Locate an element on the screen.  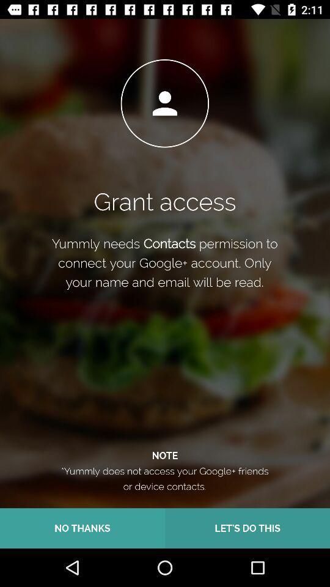
the no thanks is located at coordinates (82, 528).